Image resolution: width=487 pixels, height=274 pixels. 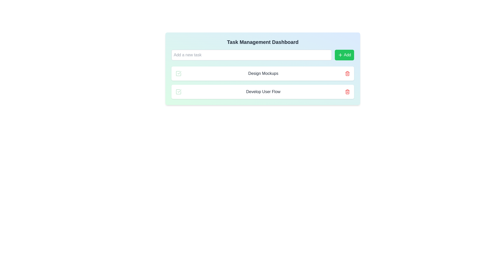 What do you see at coordinates (344, 55) in the screenshot?
I see `the rectangular green button with a white plus icon and 'Add' text` at bounding box center [344, 55].